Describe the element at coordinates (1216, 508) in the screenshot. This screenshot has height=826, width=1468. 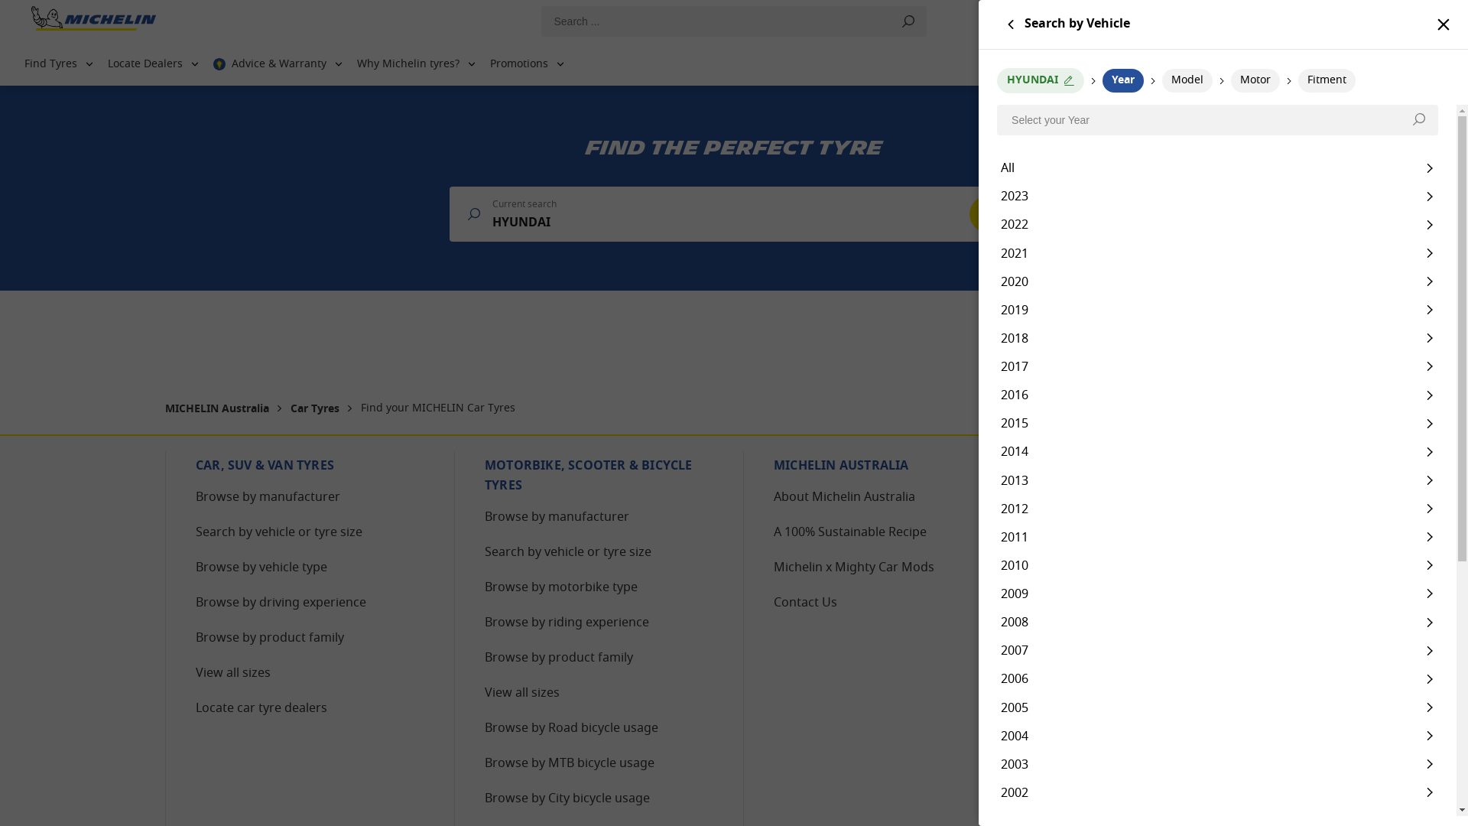
I see `'2012'` at that location.